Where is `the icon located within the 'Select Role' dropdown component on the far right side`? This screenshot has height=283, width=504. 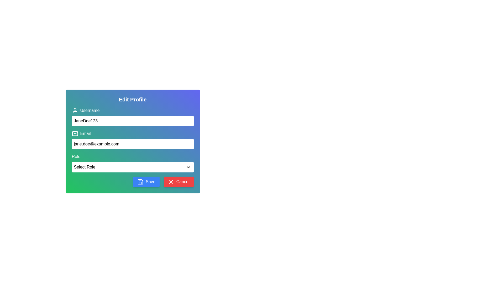 the icon located within the 'Select Role' dropdown component on the far right side is located at coordinates (188, 167).